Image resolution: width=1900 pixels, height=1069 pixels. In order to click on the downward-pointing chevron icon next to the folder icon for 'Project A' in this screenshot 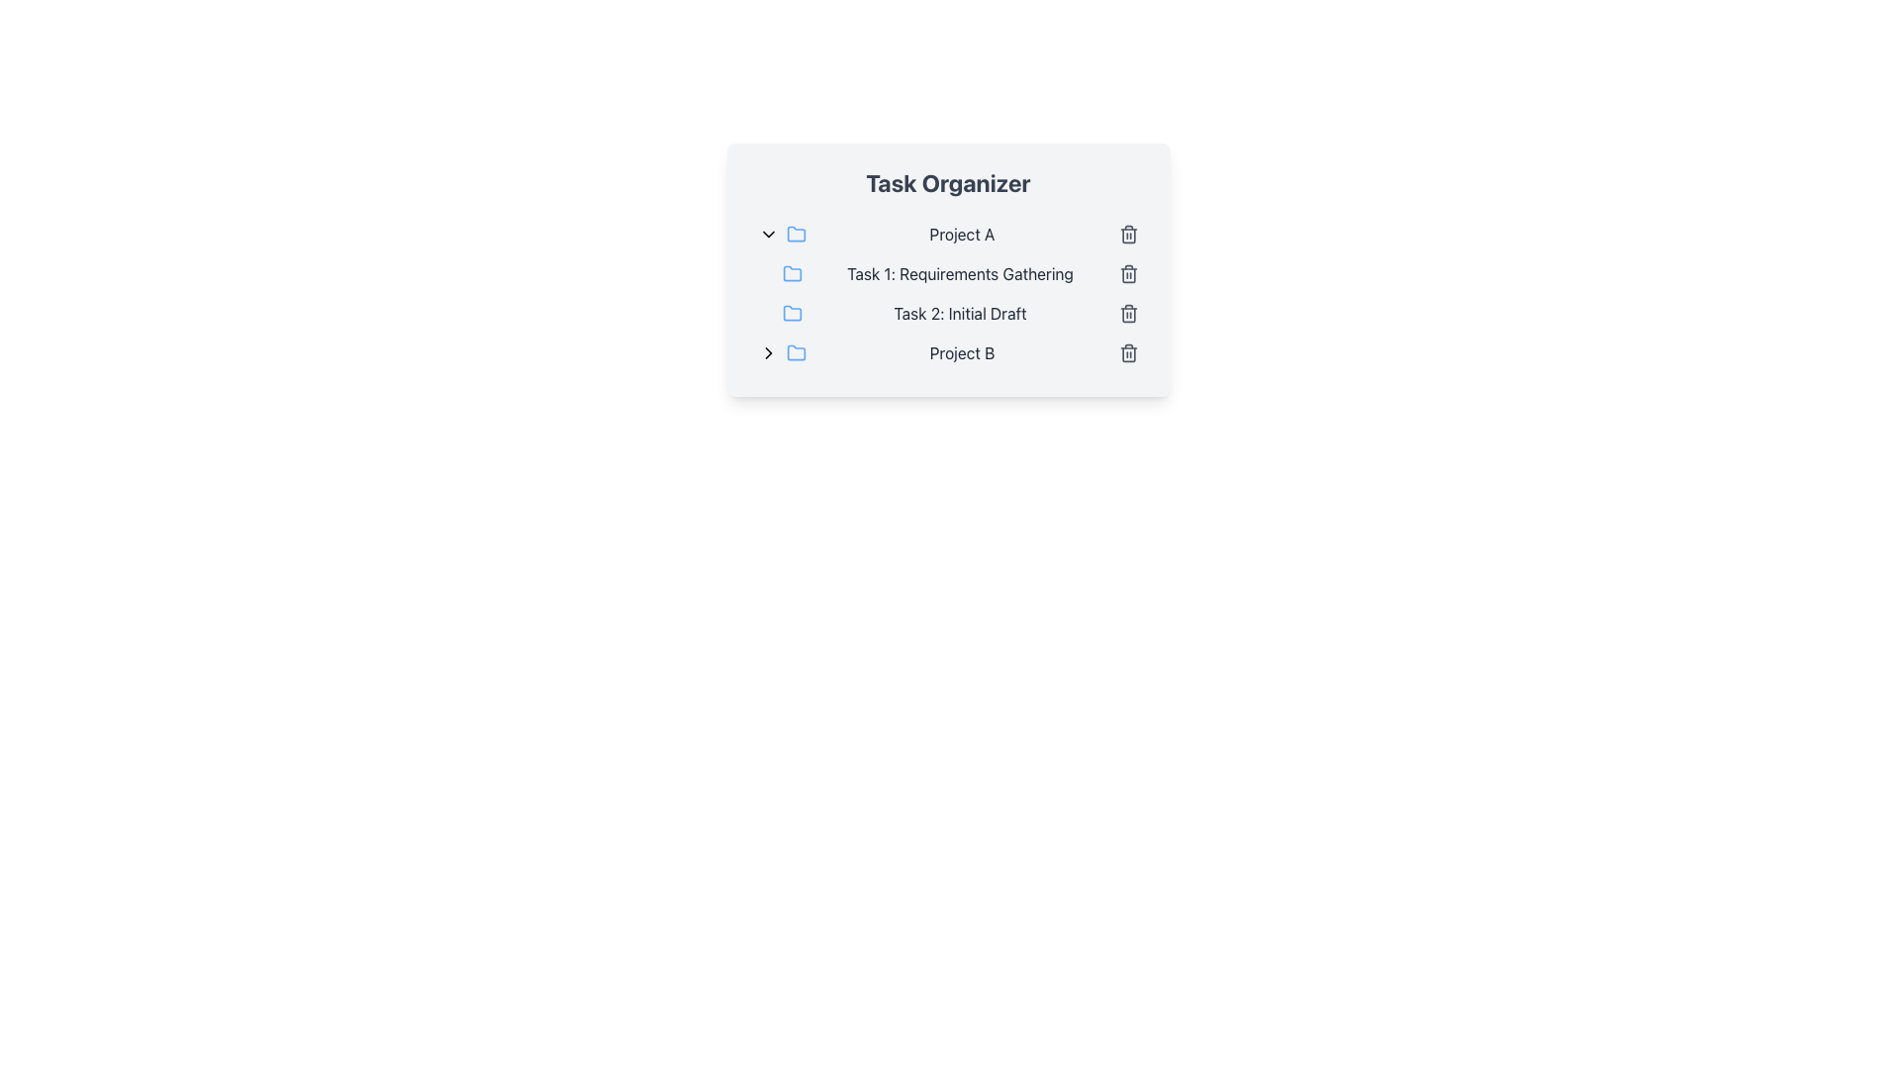, I will do `click(767, 233)`.